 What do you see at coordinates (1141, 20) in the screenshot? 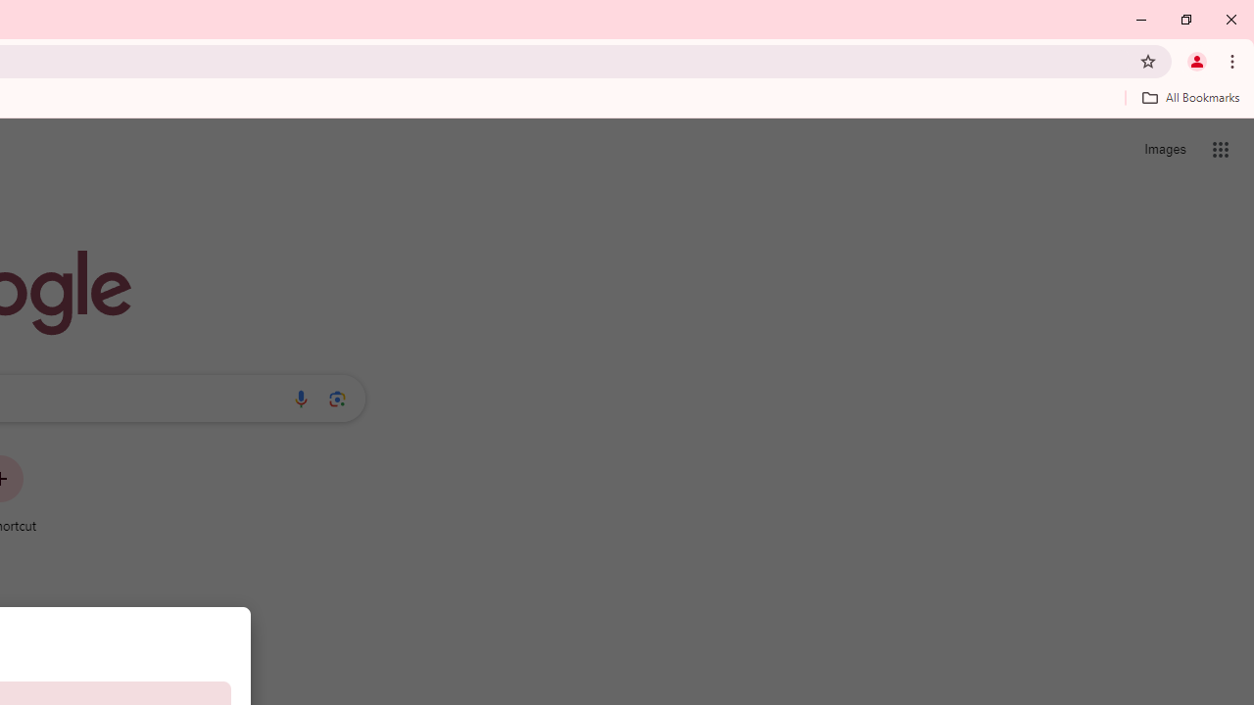
I see `'Minimize'` at bounding box center [1141, 20].